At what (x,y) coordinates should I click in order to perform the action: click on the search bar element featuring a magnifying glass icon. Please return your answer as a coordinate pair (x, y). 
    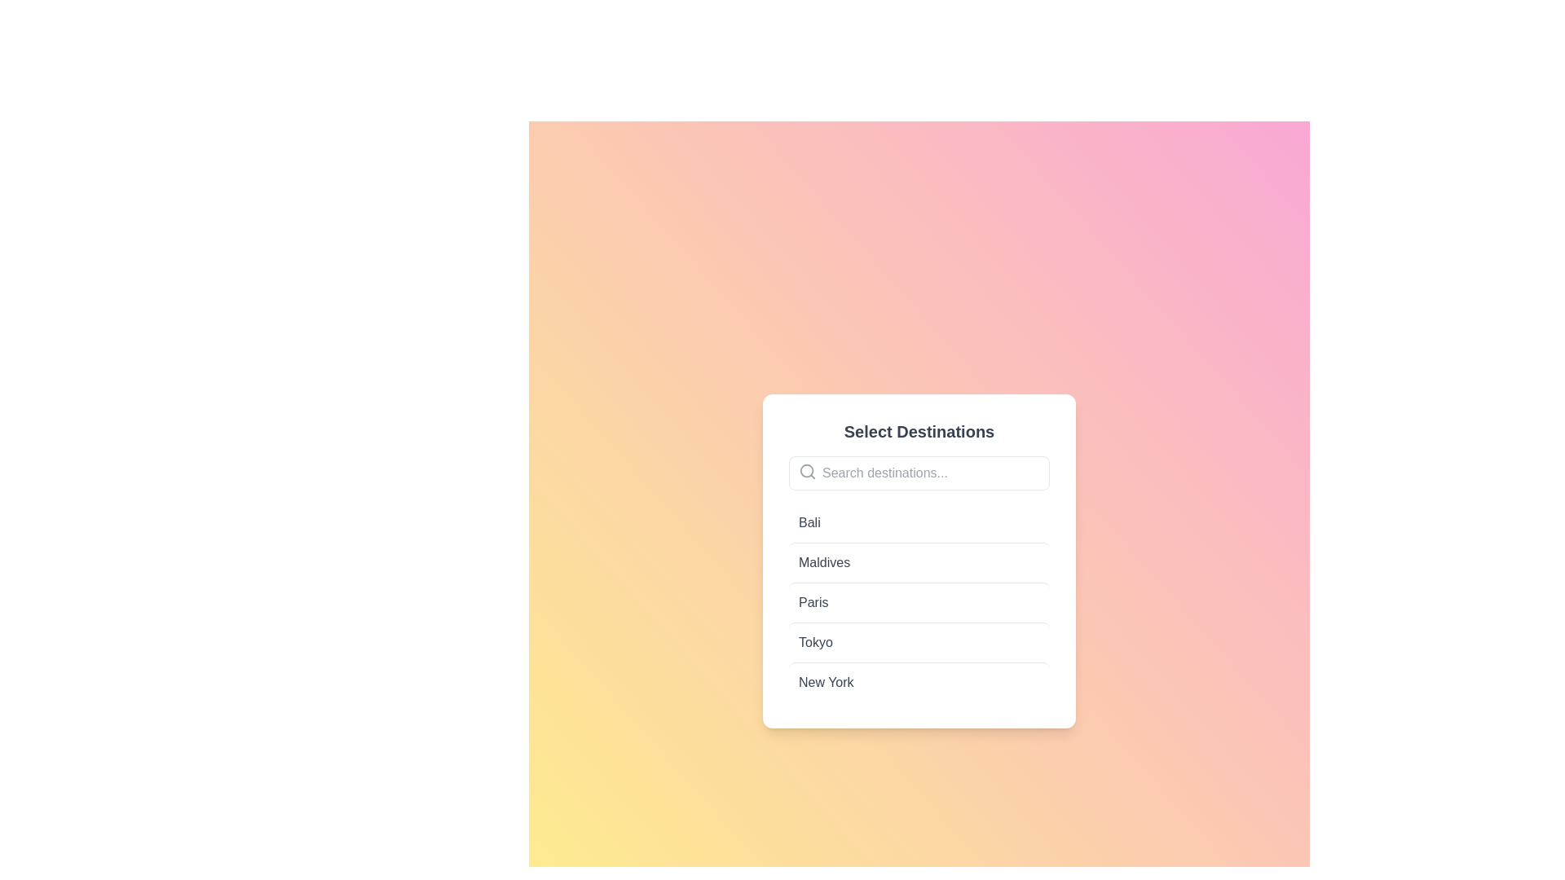
    Looking at the image, I should click on (919, 473).